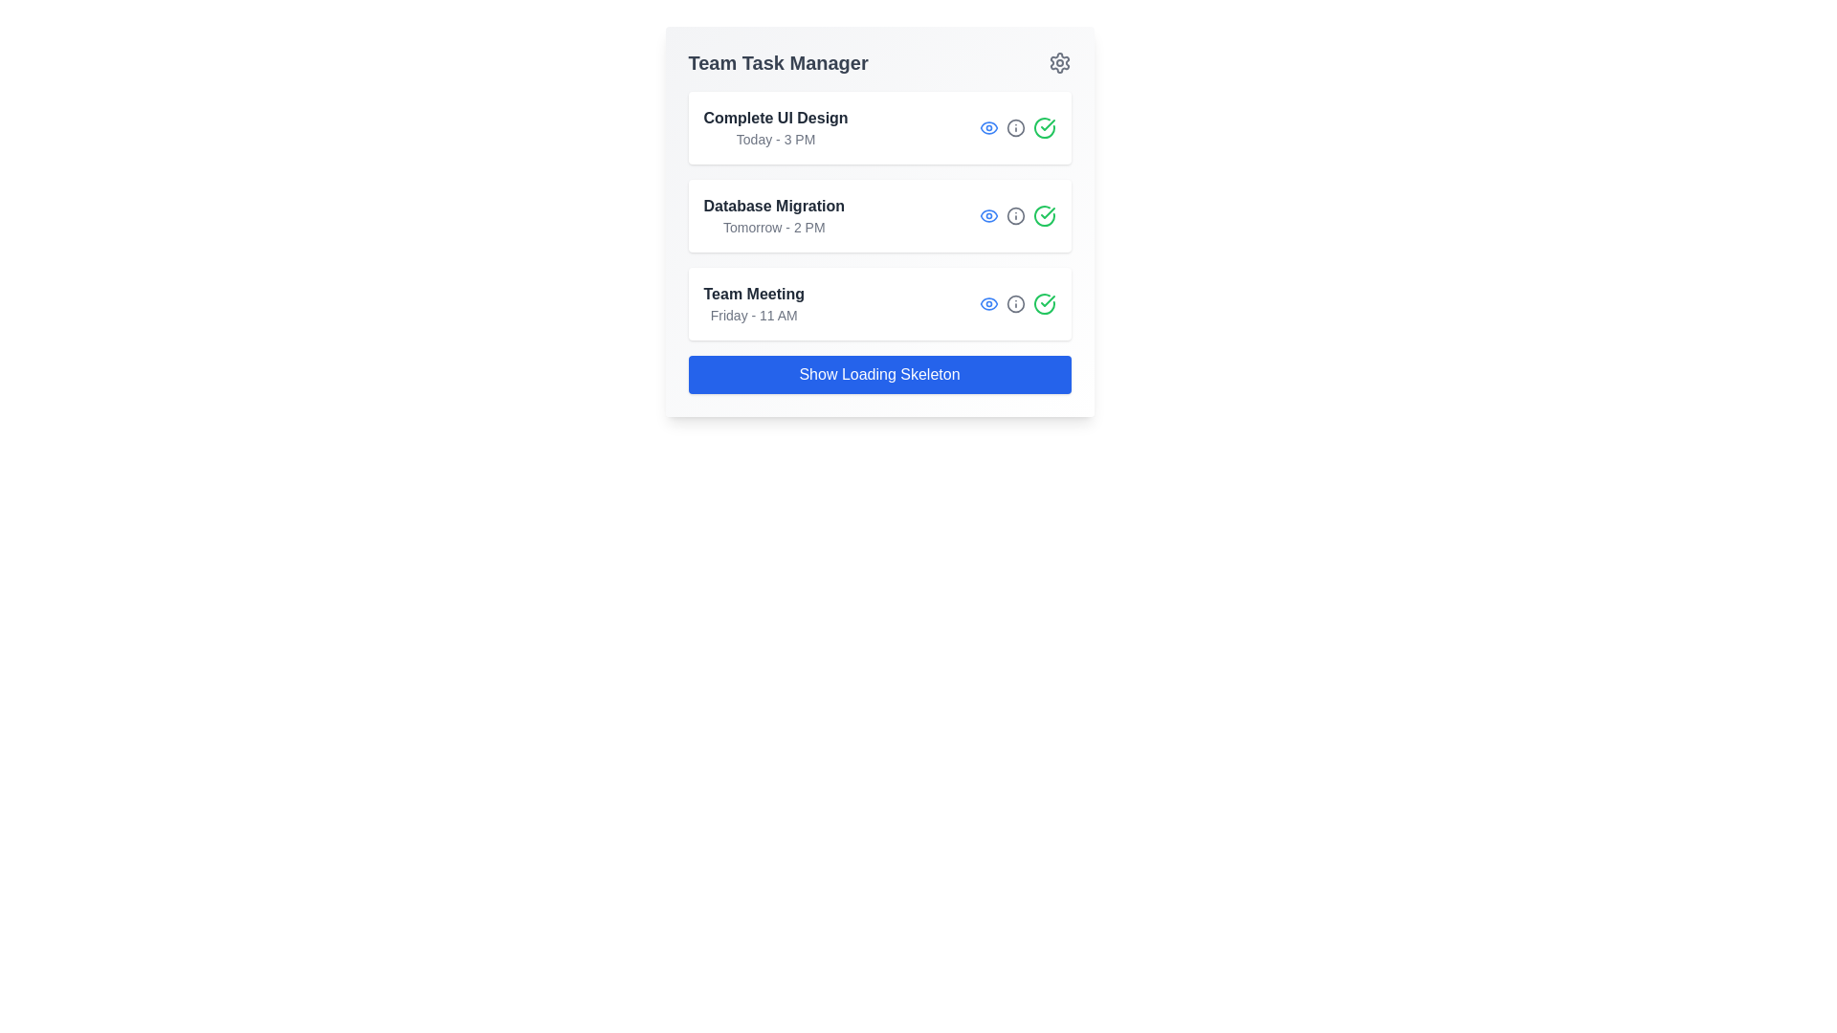 The image size is (1837, 1033). What do you see at coordinates (1043, 215) in the screenshot?
I see `the completion status icon on the far right of the second task row titled 'Database Migration' to mark the task as complete` at bounding box center [1043, 215].